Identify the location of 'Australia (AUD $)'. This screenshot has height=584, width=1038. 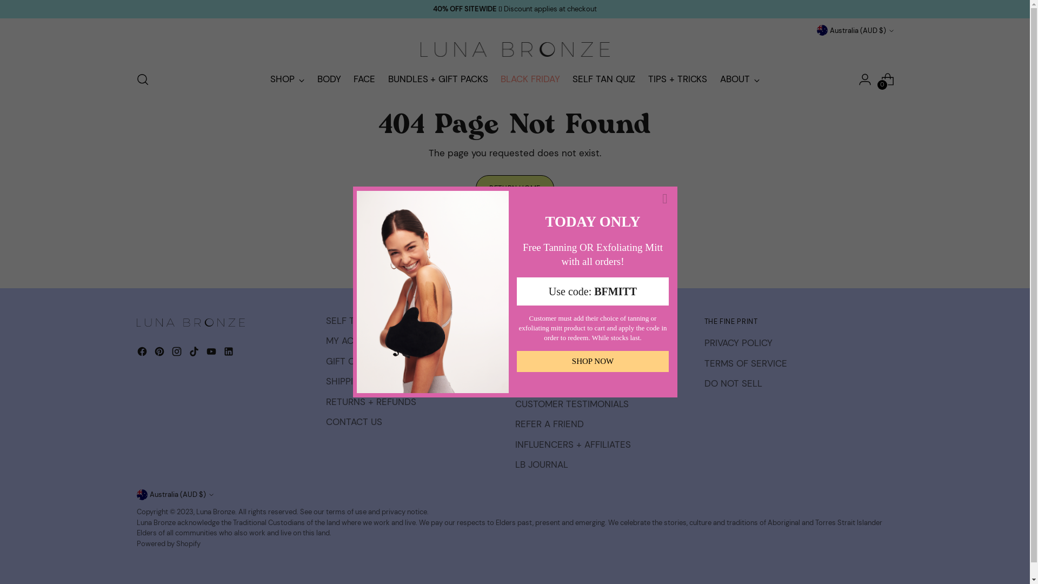
(174, 494).